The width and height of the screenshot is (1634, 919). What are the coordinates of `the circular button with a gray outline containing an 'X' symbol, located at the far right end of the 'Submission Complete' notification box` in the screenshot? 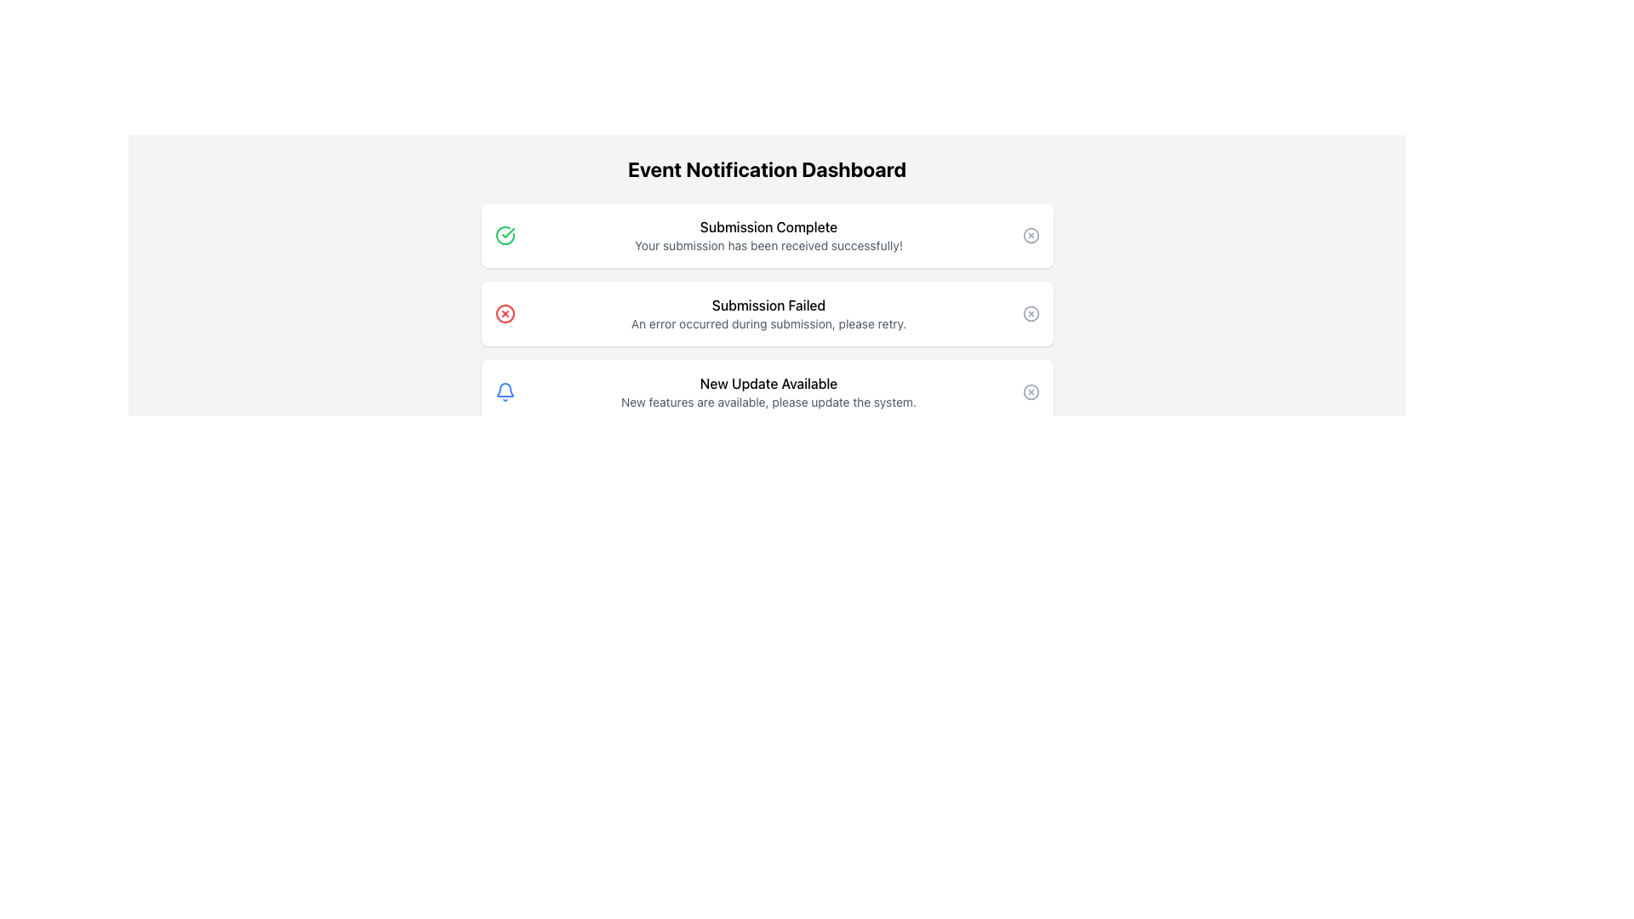 It's located at (1030, 236).